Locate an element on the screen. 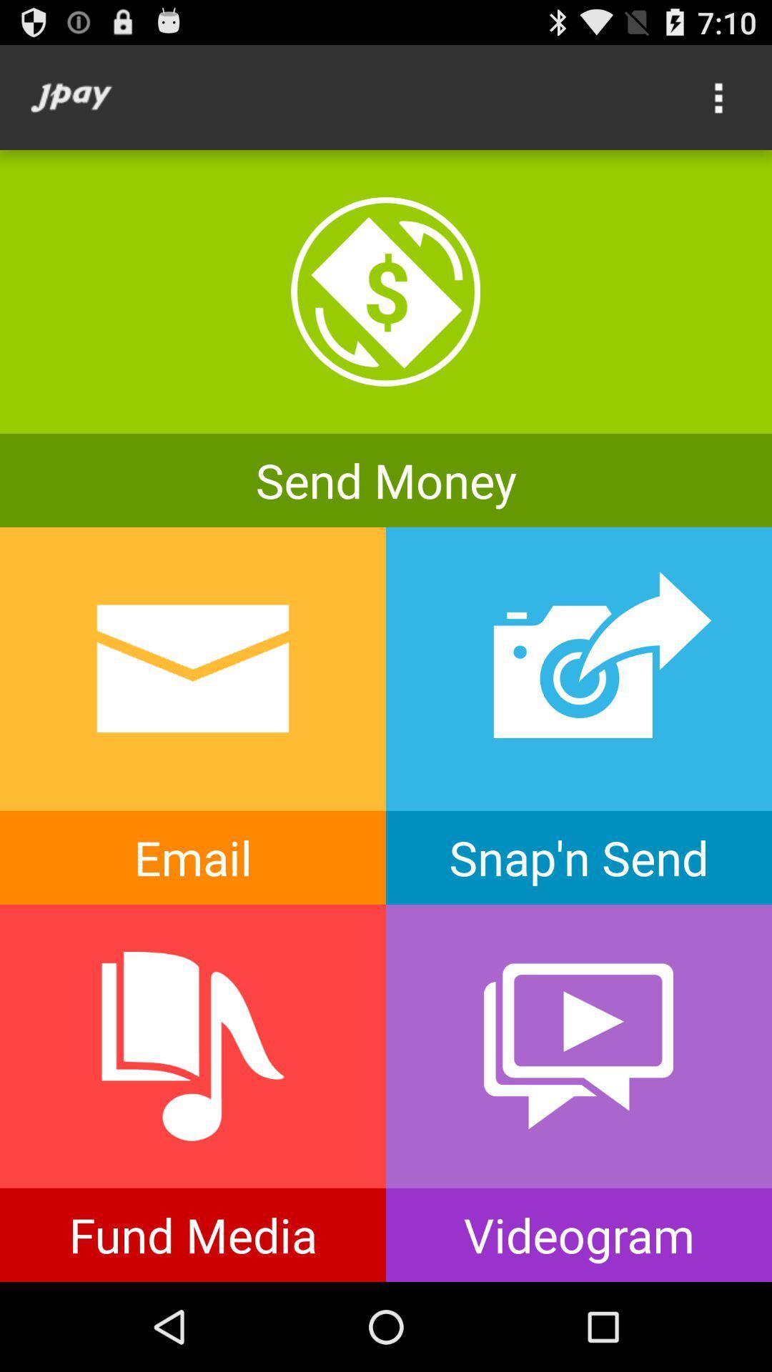 Image resolution: width=772 pixels, height=1372 pixels. click play button is located at coordinates (579, 1093).